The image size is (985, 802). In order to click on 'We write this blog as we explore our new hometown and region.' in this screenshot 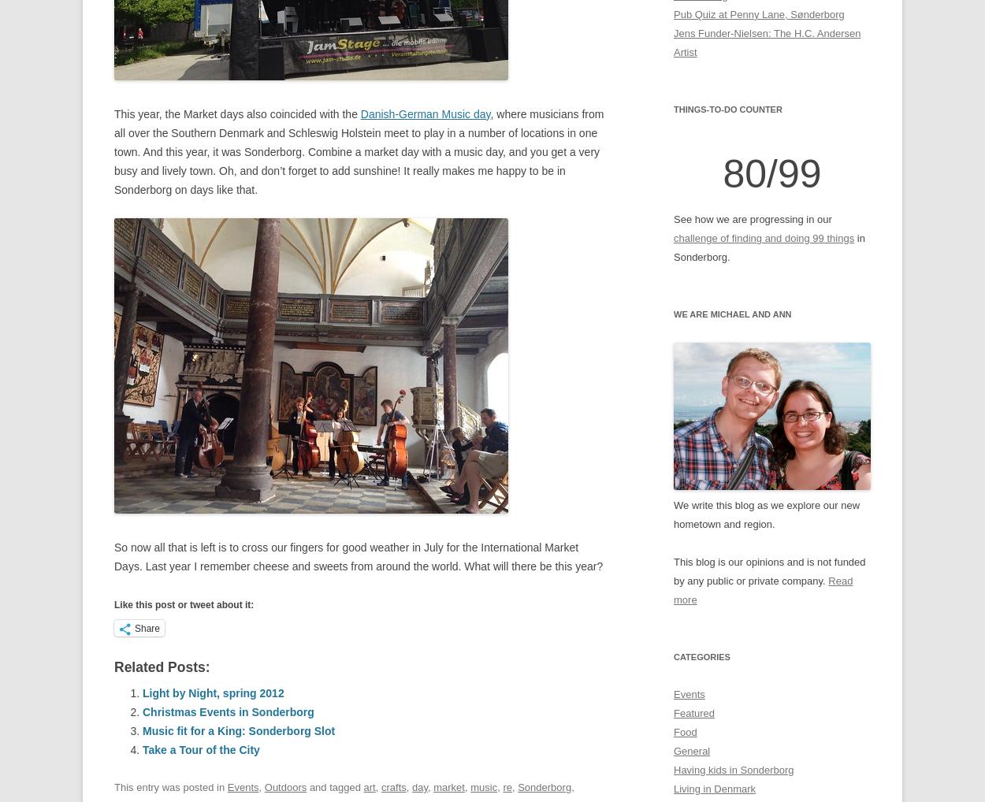, I will do `click(766, 513)`.